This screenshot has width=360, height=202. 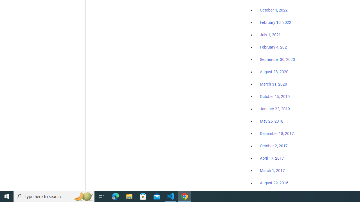 I want to click on 'April 17, 2017', so click(x=272, y=158).